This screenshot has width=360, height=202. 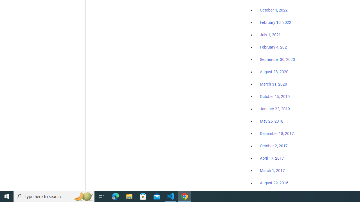 I want to click on 'April 17, 2017', so click(x=272, y=158).